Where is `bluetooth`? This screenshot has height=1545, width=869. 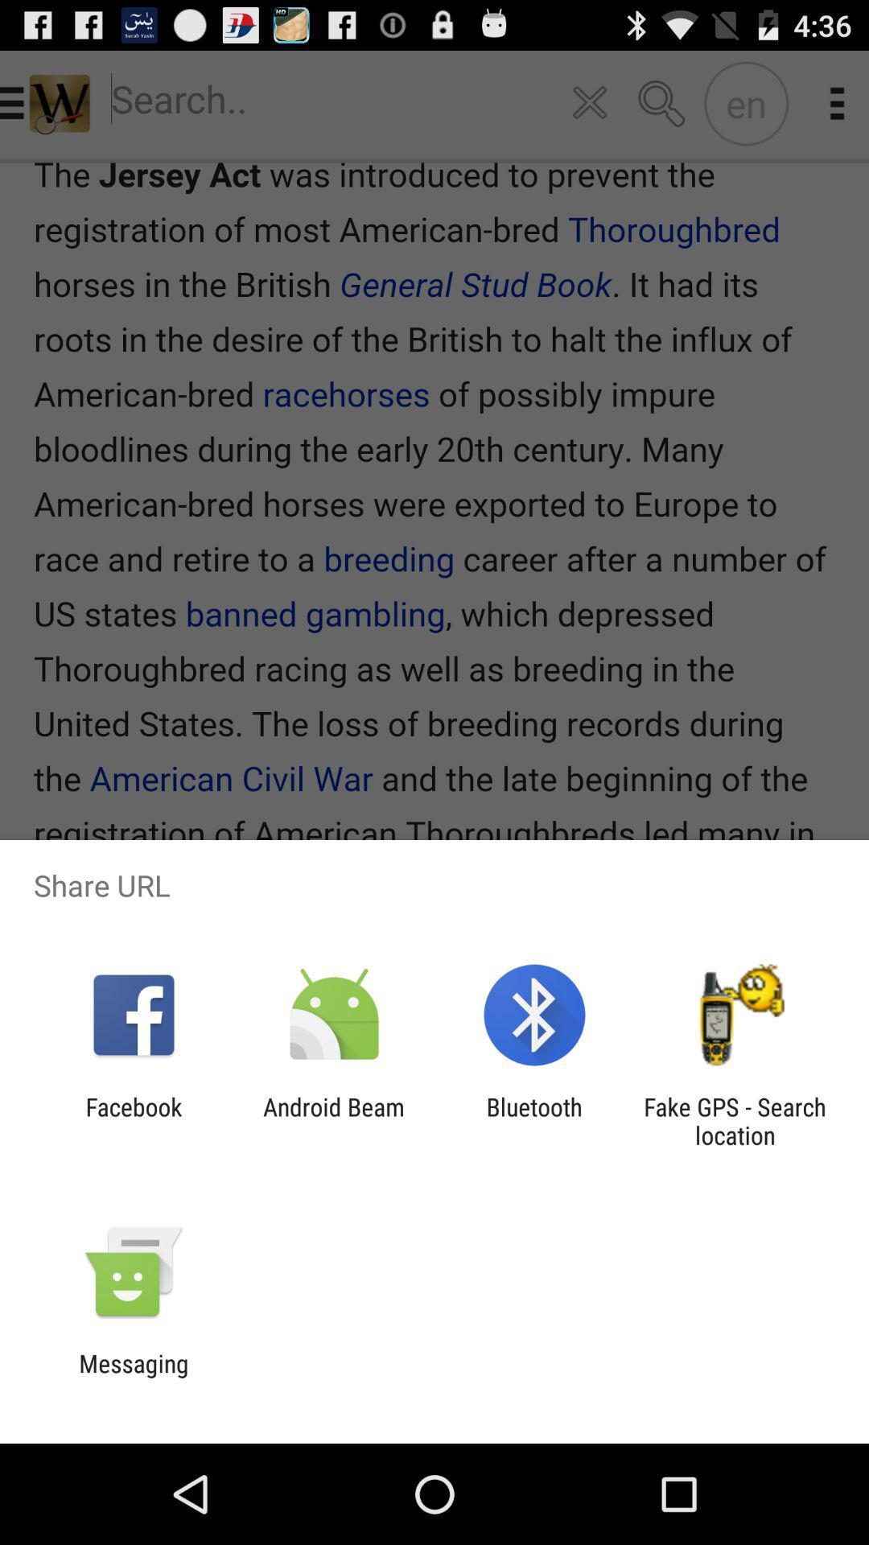
bluetooth is located at coordinates (534, 1120).